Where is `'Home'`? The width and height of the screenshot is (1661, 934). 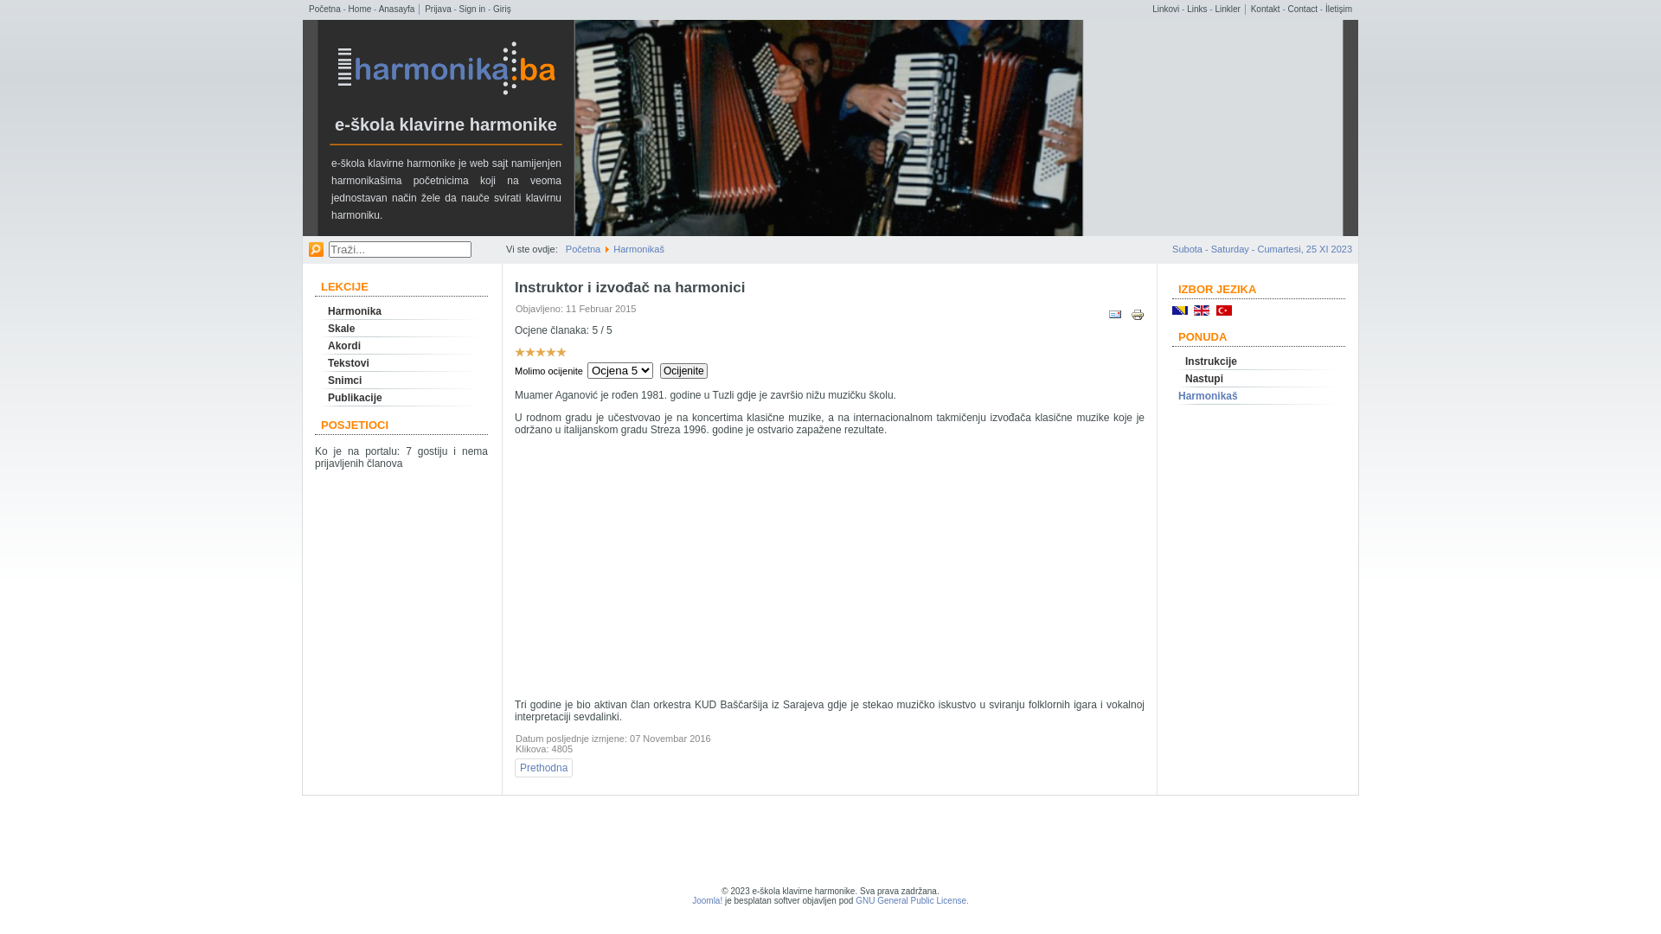 'Home' is located at coordinates (359, 9).